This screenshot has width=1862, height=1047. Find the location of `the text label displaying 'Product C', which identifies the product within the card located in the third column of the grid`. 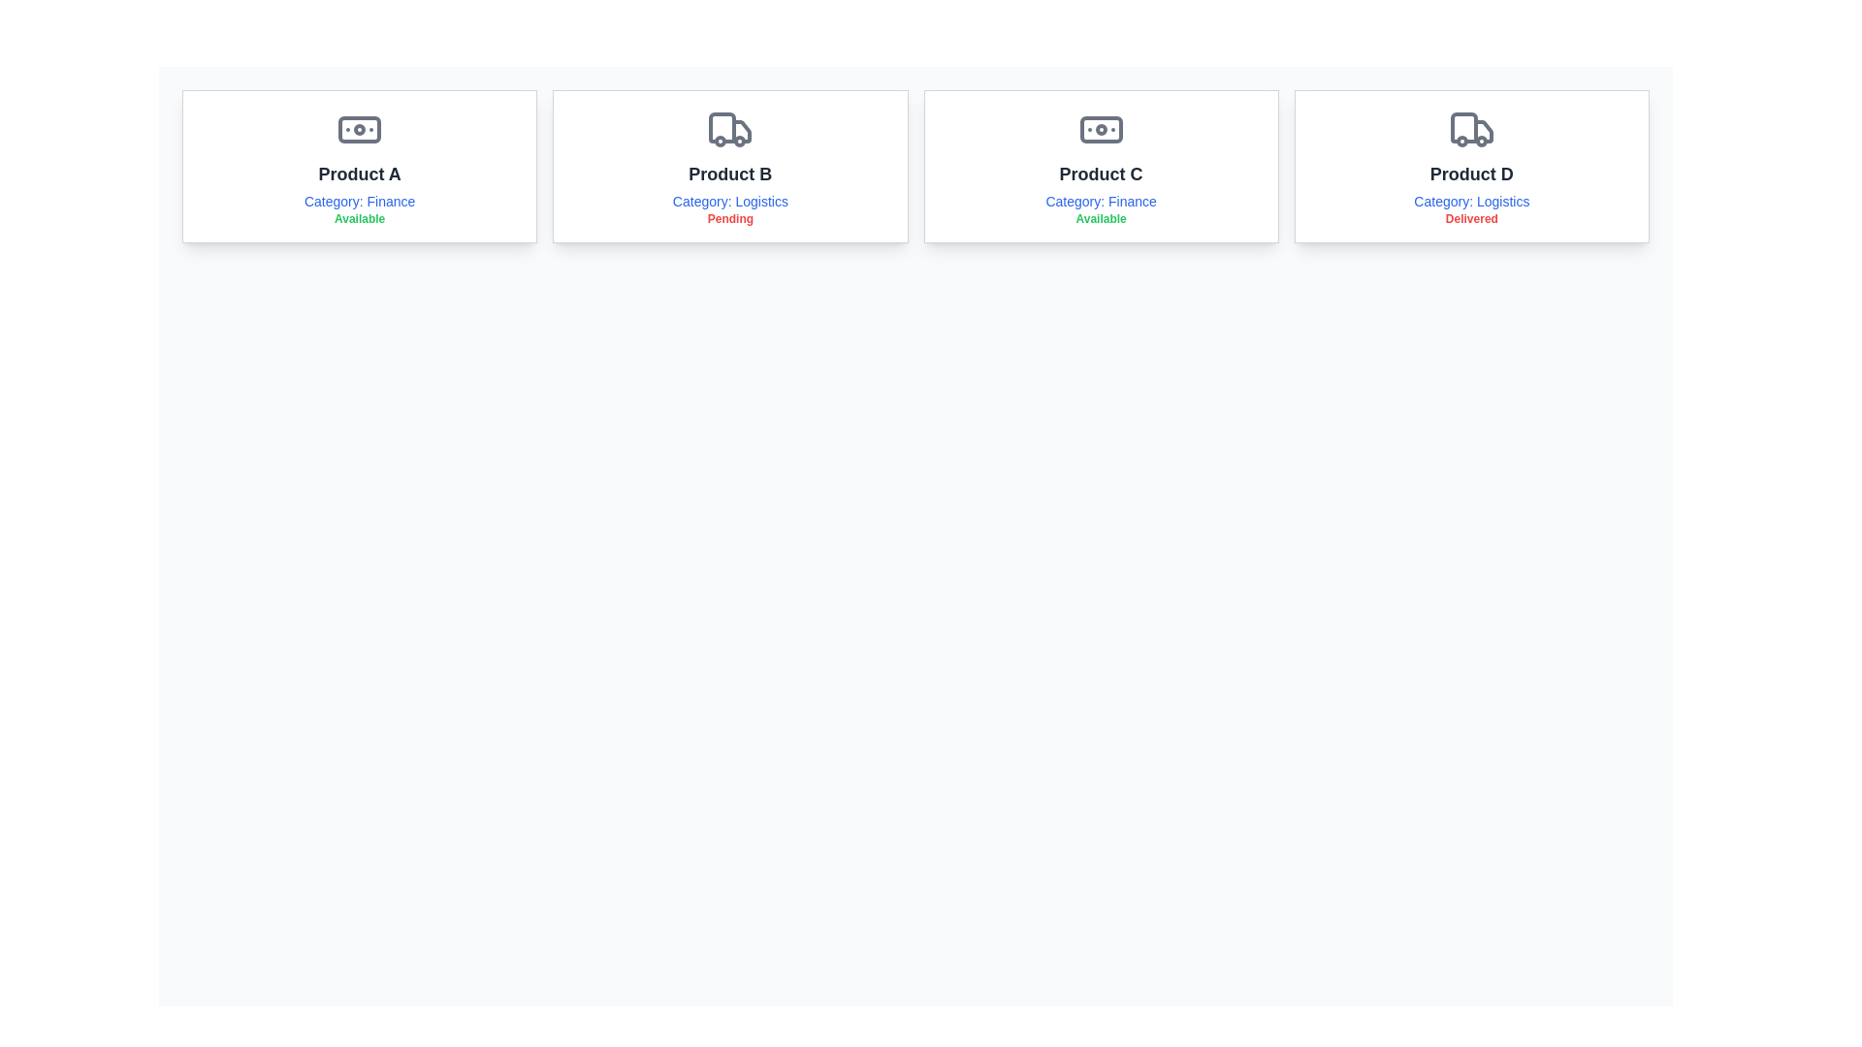

the text label displaying 'Product C', which identifies the product within the card located in the third column of the grid is located at coordinates (1101, 174).